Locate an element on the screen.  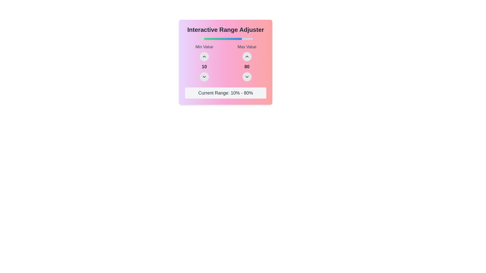
the displayed range on the progress bar located centrally within the 'Interactive Range Adjuster' UI component, positioned below the title and above the 'Min Value' and 'Max Value' labels is located at coordinates (225, 39).